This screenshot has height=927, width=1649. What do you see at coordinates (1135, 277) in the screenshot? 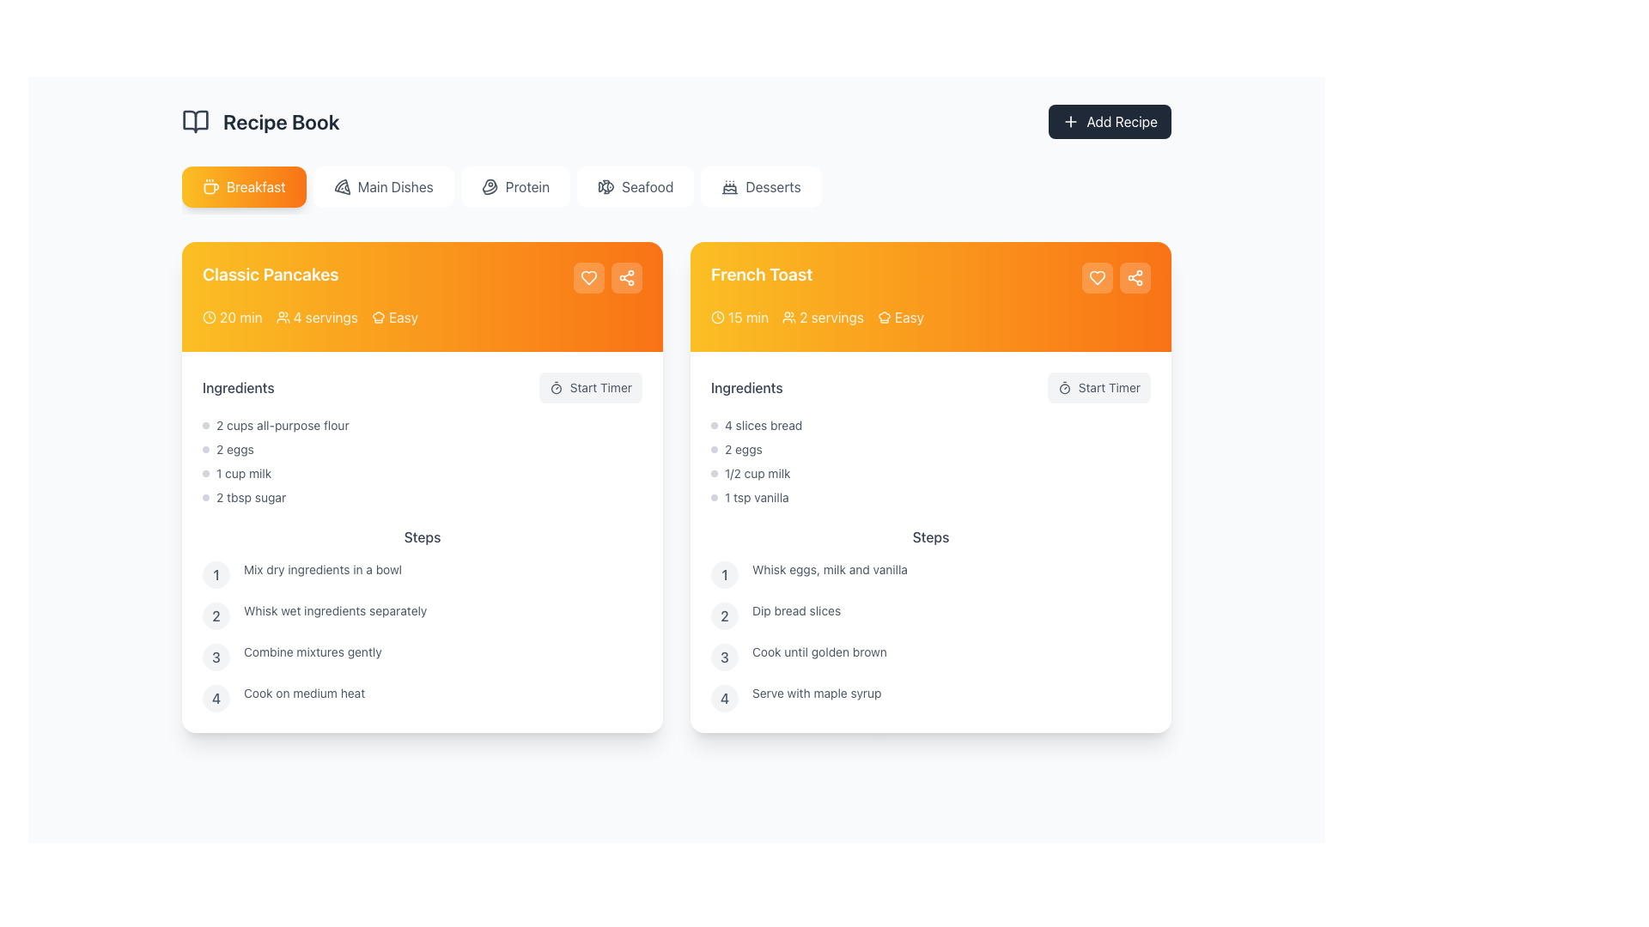
I see `the sharing button located at the top-right corner of the 'French Toast' recipe card` at bounding box center [1135, 277].